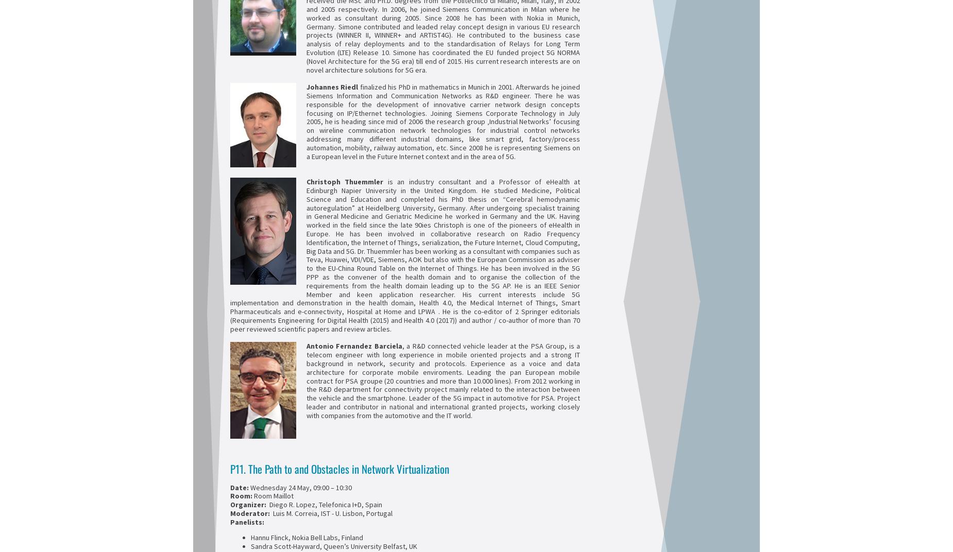 The image size is (953, 552). Describe the element at coordinates (307, 538) in the screenshot. I see `'Hannu Flinck, Nokia Bell Labs, Finland'` at that location.